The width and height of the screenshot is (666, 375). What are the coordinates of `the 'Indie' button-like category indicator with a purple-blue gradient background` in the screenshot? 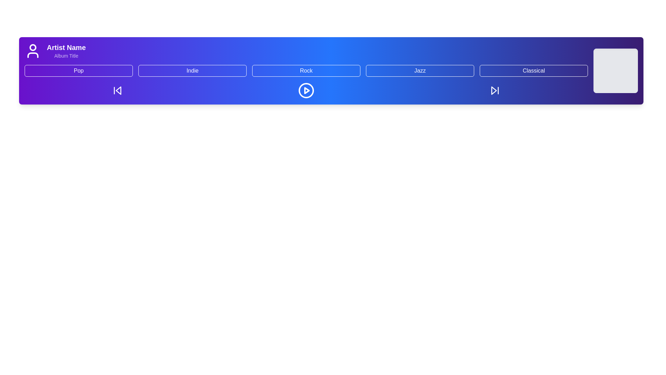 It's located at (193, 71).